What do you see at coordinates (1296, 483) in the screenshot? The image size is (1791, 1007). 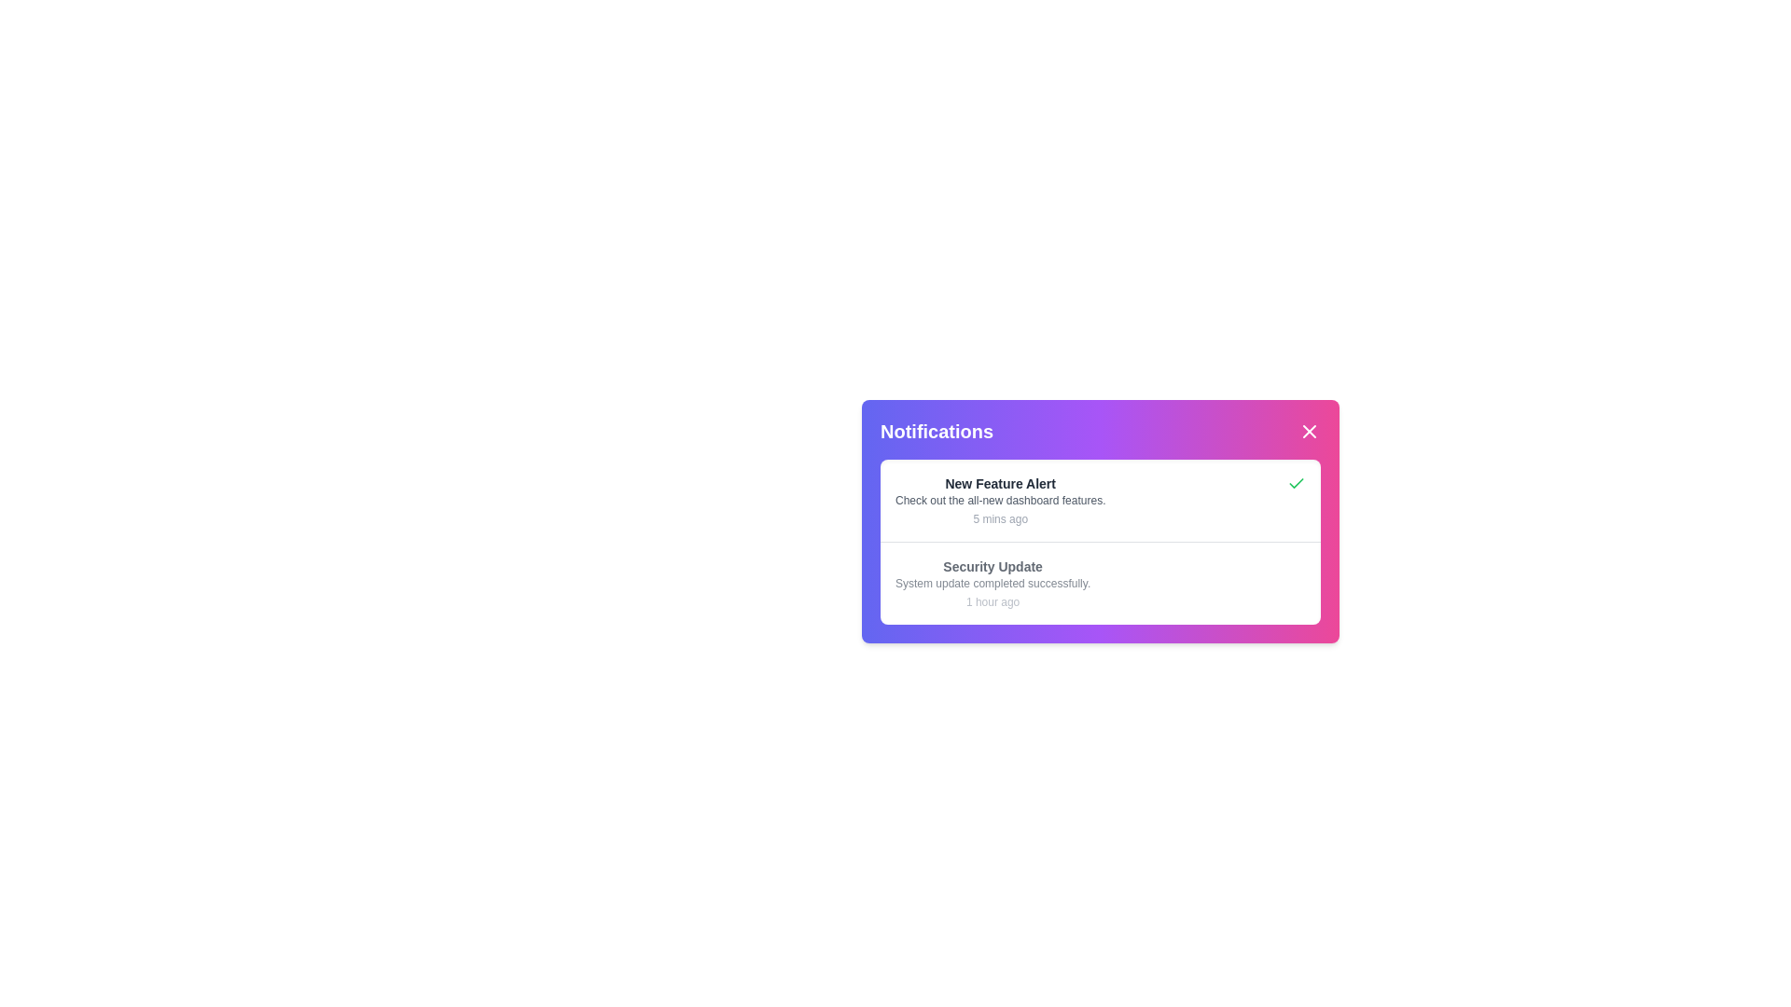 I see `the green checkmark icon located at the top-right corner of the 'New Feature Alert' notification card for visual feedback` at bounding box center [1296, 483].